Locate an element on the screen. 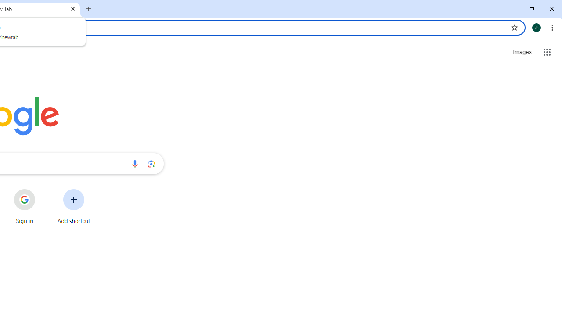 This screenshot has width=562, height=316. 'Search for Images ' is located at coordinates (522, 52).